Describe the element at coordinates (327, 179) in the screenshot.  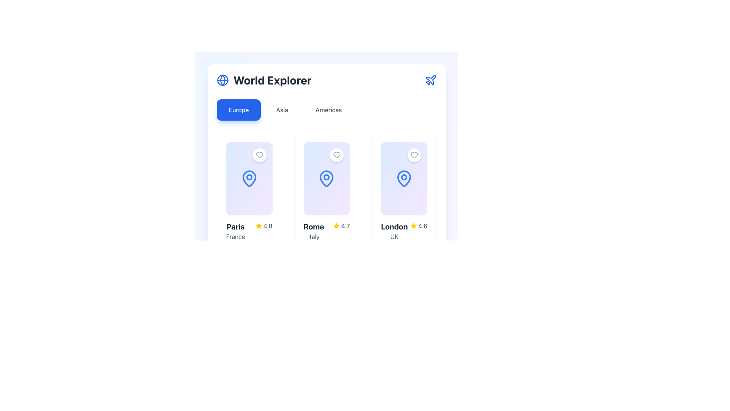
I see `the Interactive card representing 'Rome, Italy'` at that location.